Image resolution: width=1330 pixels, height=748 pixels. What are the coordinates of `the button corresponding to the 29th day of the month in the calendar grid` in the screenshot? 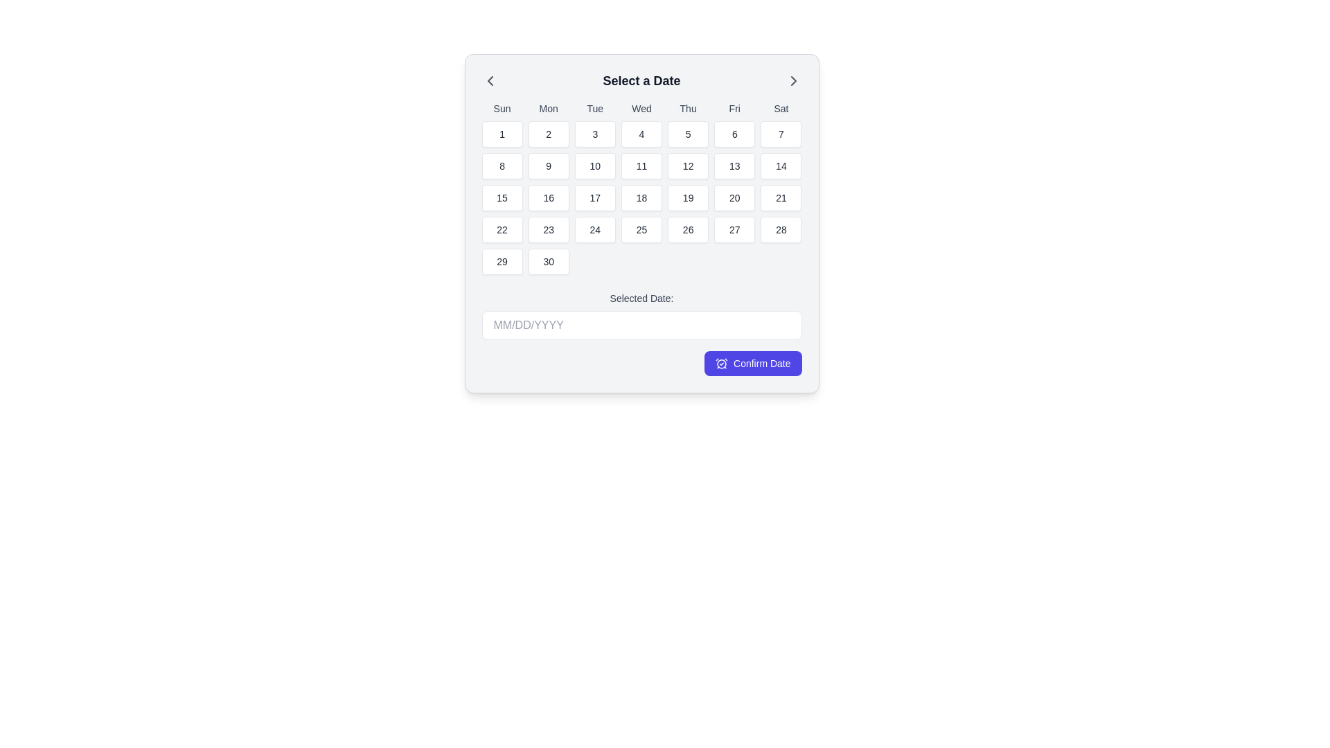 It's located at (501, 262).